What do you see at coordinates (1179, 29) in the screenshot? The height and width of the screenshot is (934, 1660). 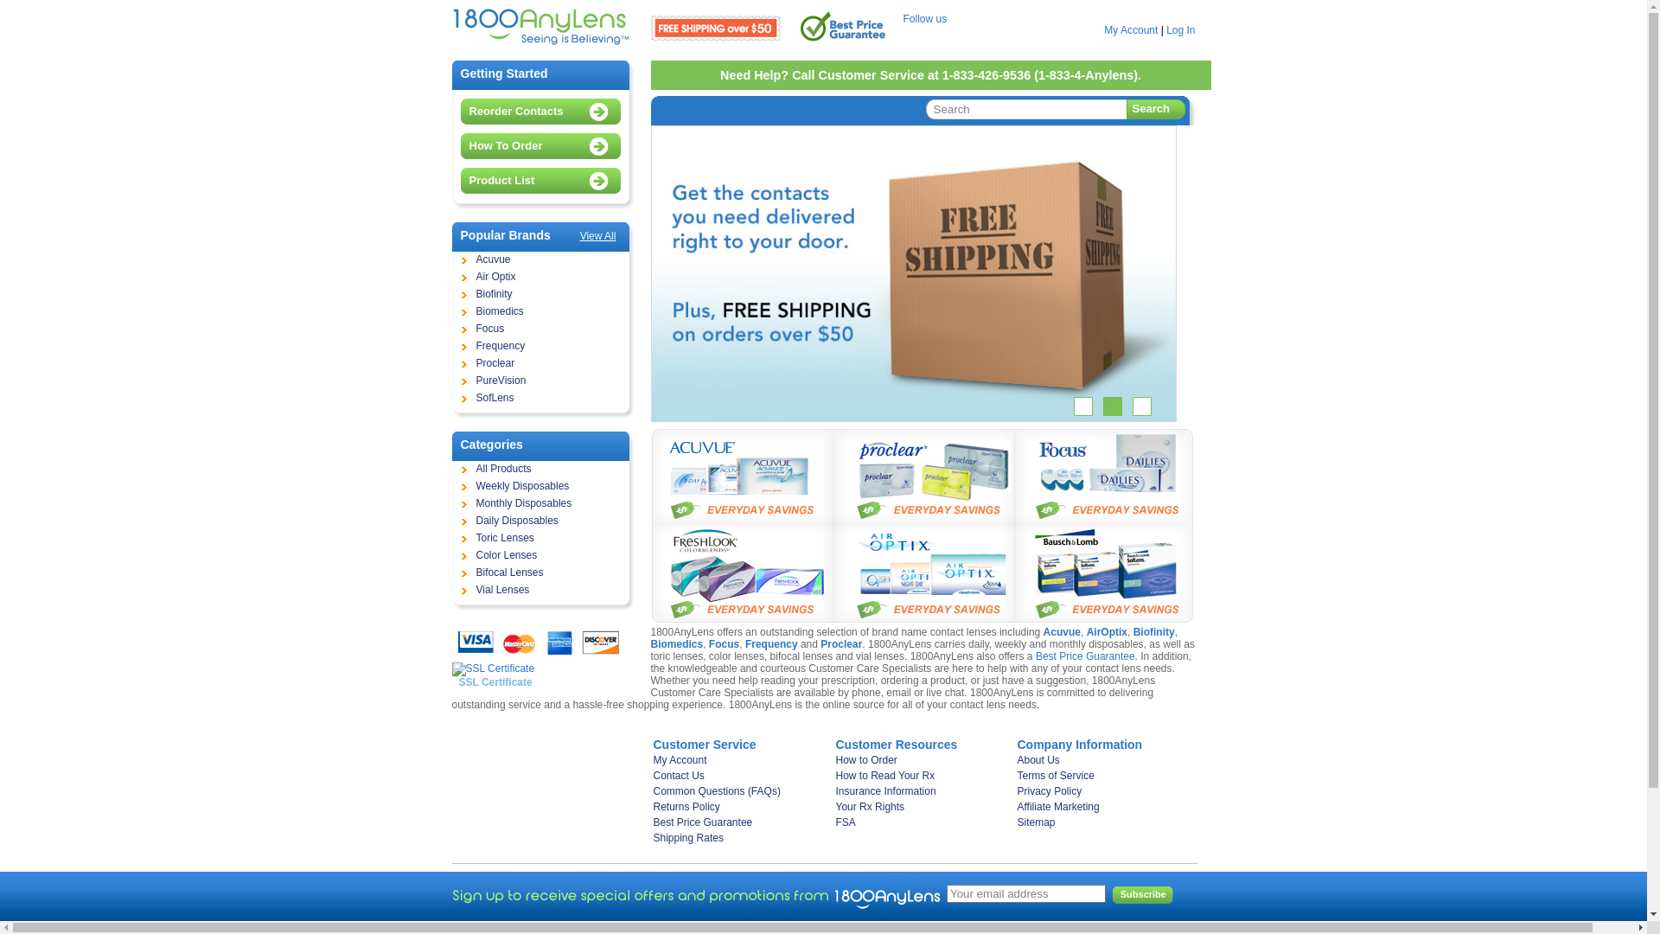 I see `'Log In'` at bounding box center [1179, 29].